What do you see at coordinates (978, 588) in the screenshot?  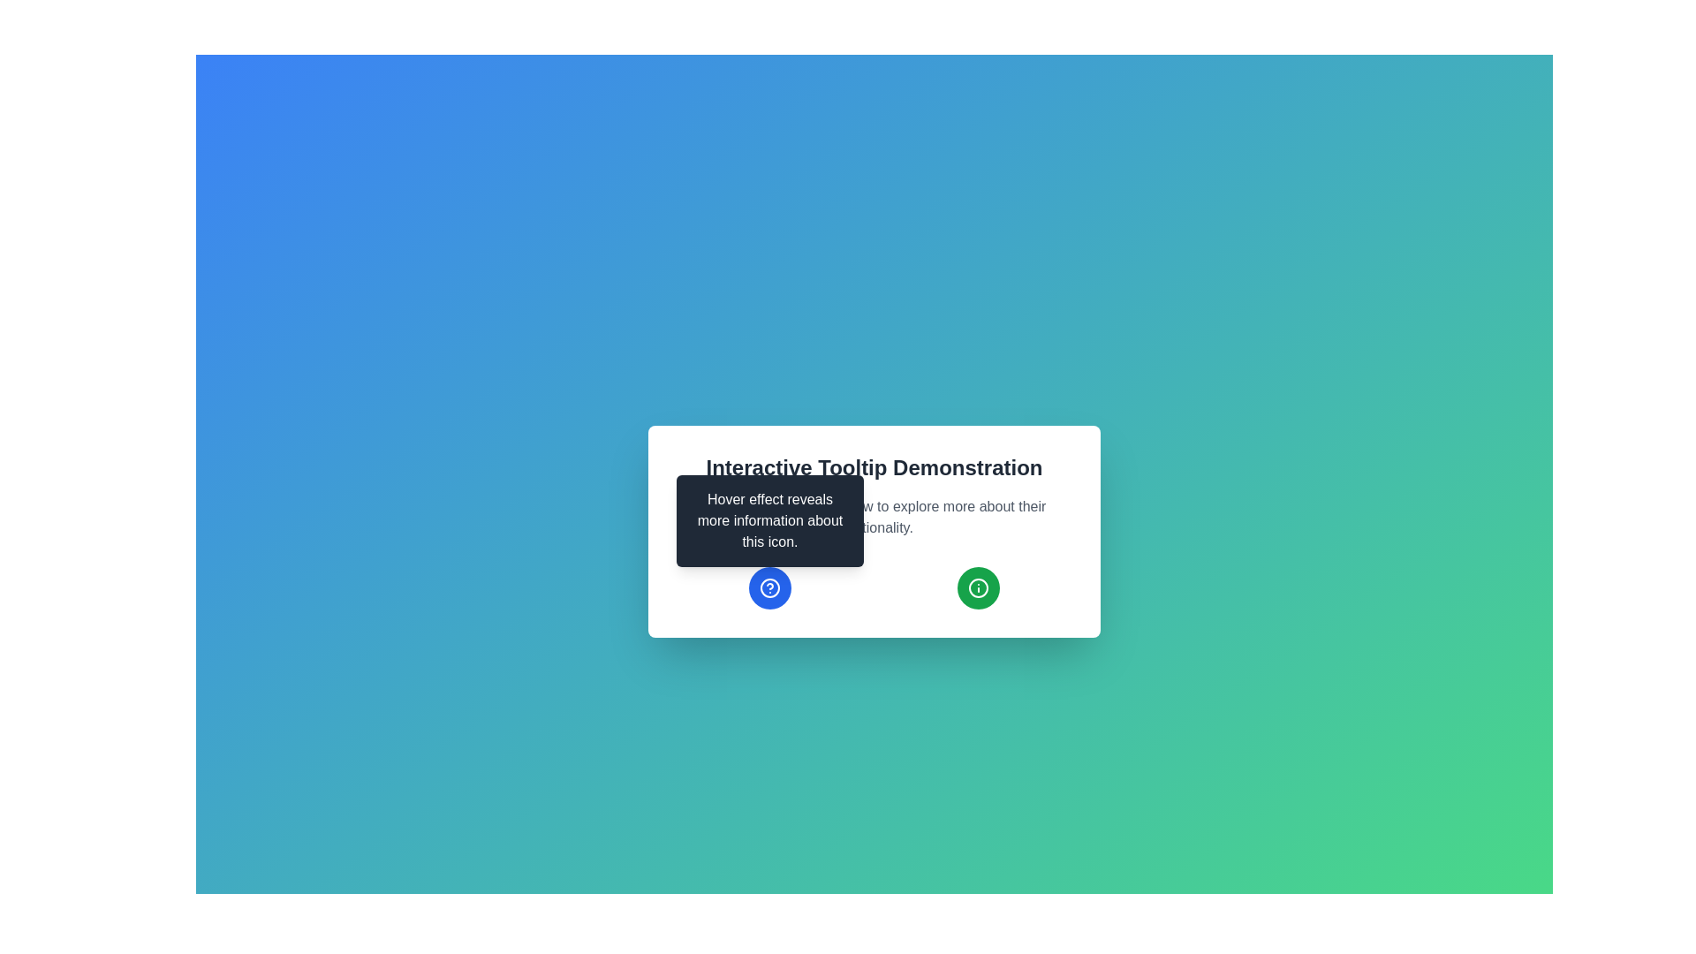 I see `the circular button with a green background and an informational icon at its center for accessibility purposes` at bounding box center [978, 588].